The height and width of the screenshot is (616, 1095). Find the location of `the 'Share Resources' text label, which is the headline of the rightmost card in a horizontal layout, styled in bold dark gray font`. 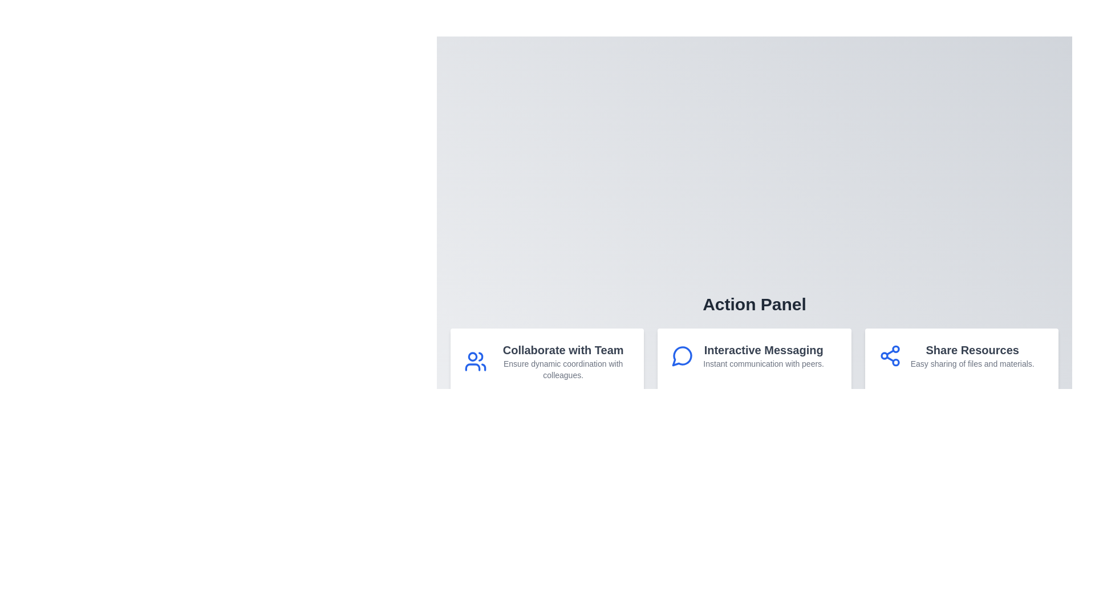

the 'Share Resources' text label, which is the headline of the rightmost card in a horizontal layout, styled in bold dark gray font is located at coordinates (972, 349).